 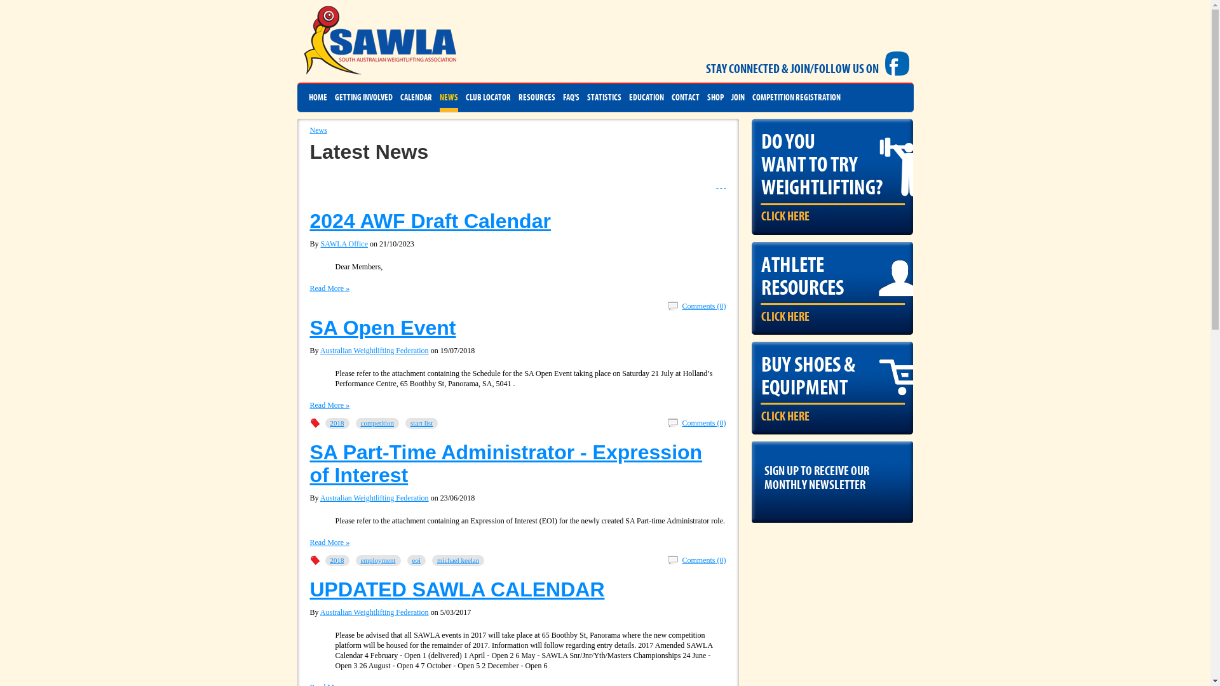 What do you see at coordinates (570, 97) in the screenshot?
I see `'FAQ'S'` at bounding box center [570, 97].